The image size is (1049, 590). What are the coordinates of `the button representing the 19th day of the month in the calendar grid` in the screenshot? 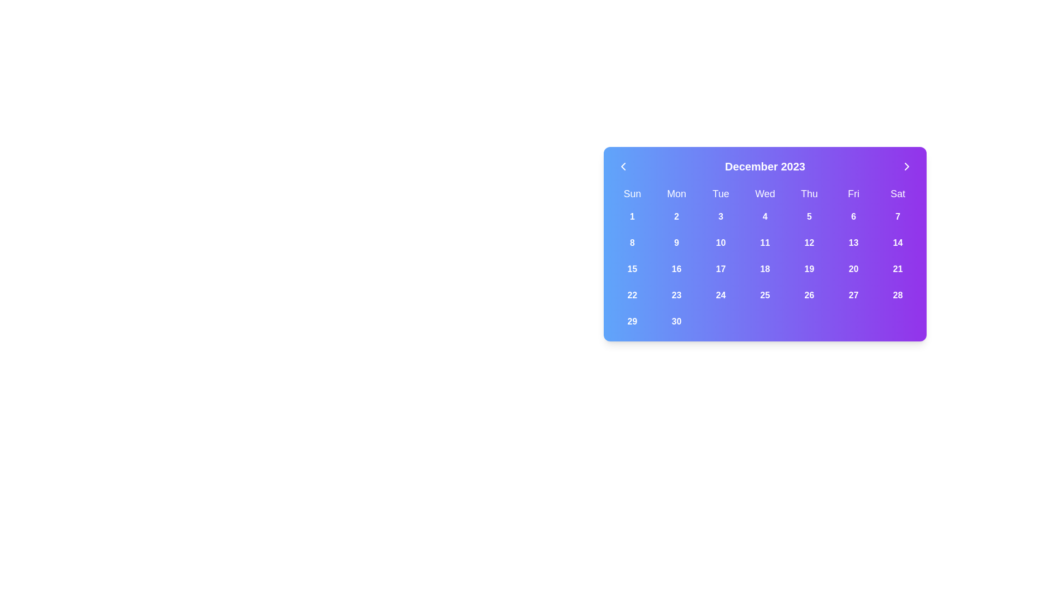 It's located at (809, 269).